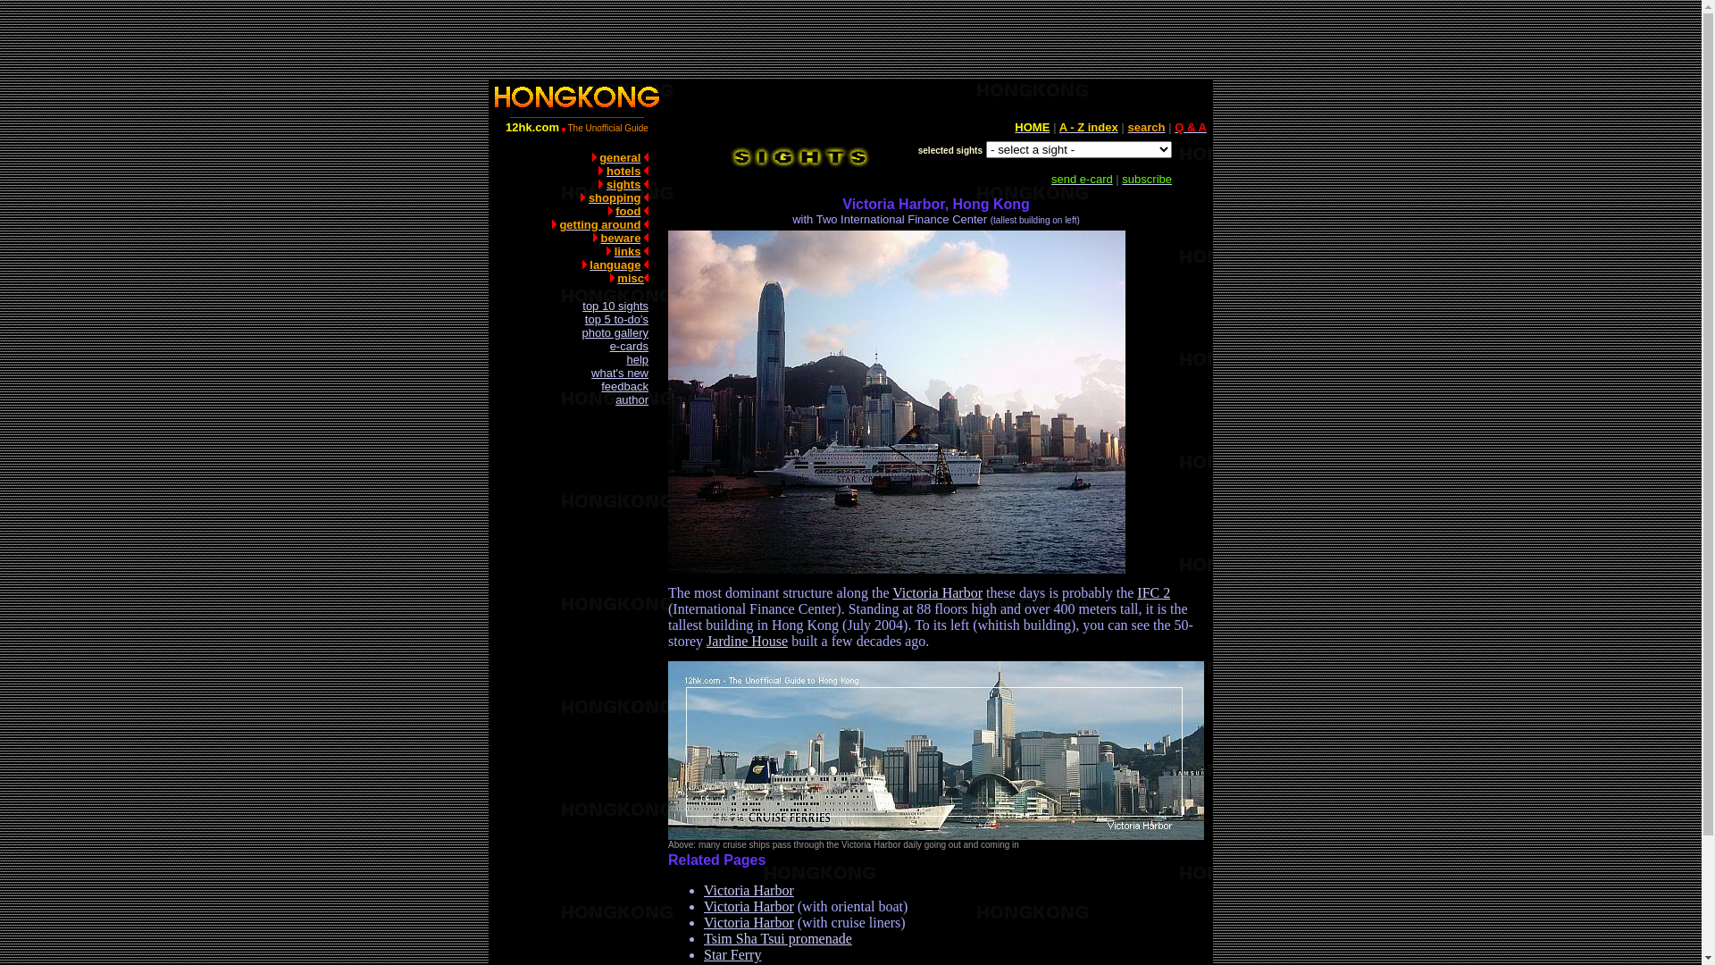 Image resolution: width=1715 pixels, height=965 pixels. Describe the element at coordinates (621, 237) in the screenshot. I see `'beware'` at that location.